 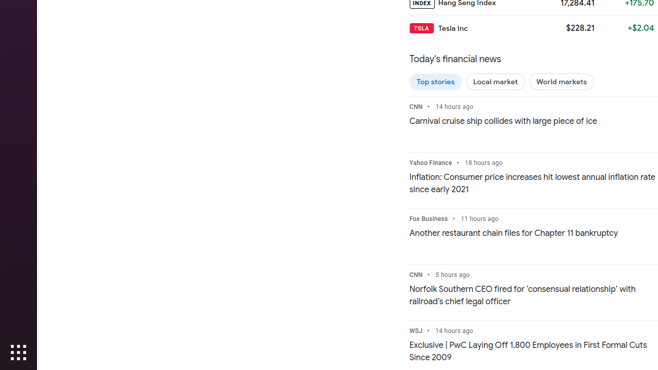 I want to click on 'Show Applications', so click(x=18, y=352).